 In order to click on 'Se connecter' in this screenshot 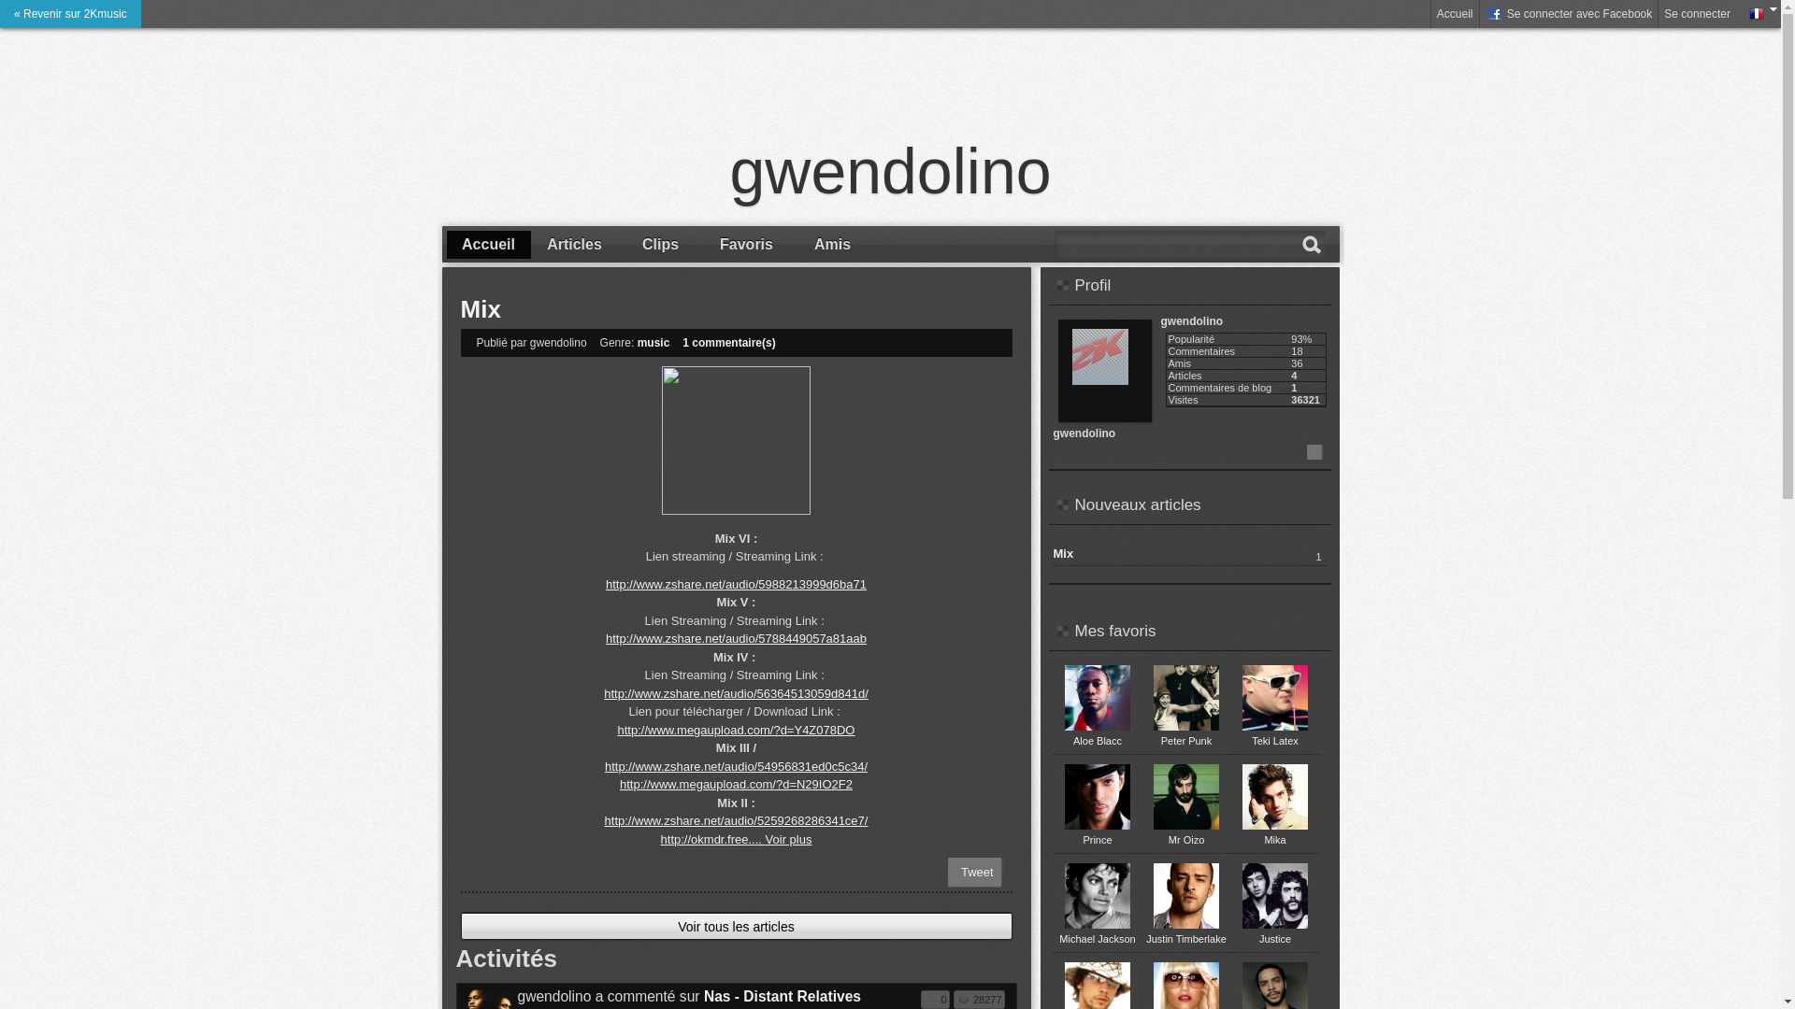, I will do `click(1697, 14)`.